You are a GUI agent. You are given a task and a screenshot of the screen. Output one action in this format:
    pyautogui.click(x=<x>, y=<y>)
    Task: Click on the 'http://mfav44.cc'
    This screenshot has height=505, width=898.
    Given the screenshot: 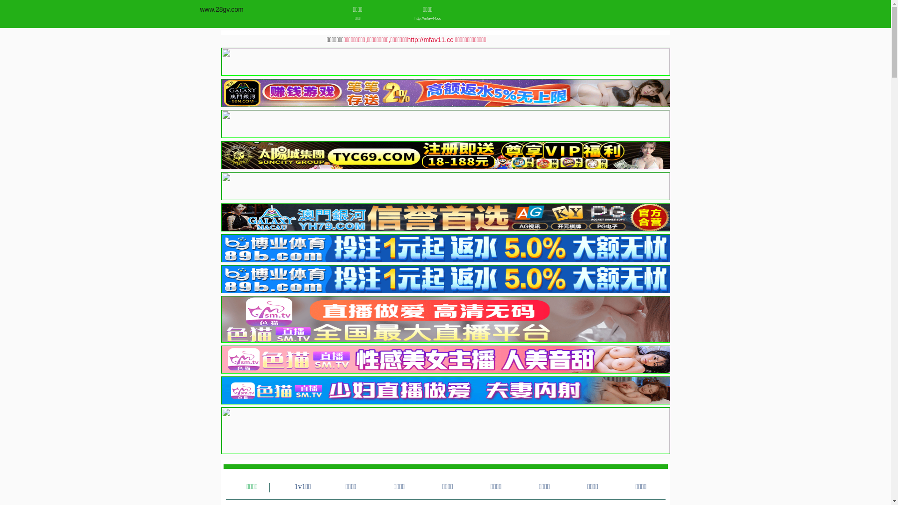 What is the action you would take?
    pyautogui.click(x=427, y=18)
    